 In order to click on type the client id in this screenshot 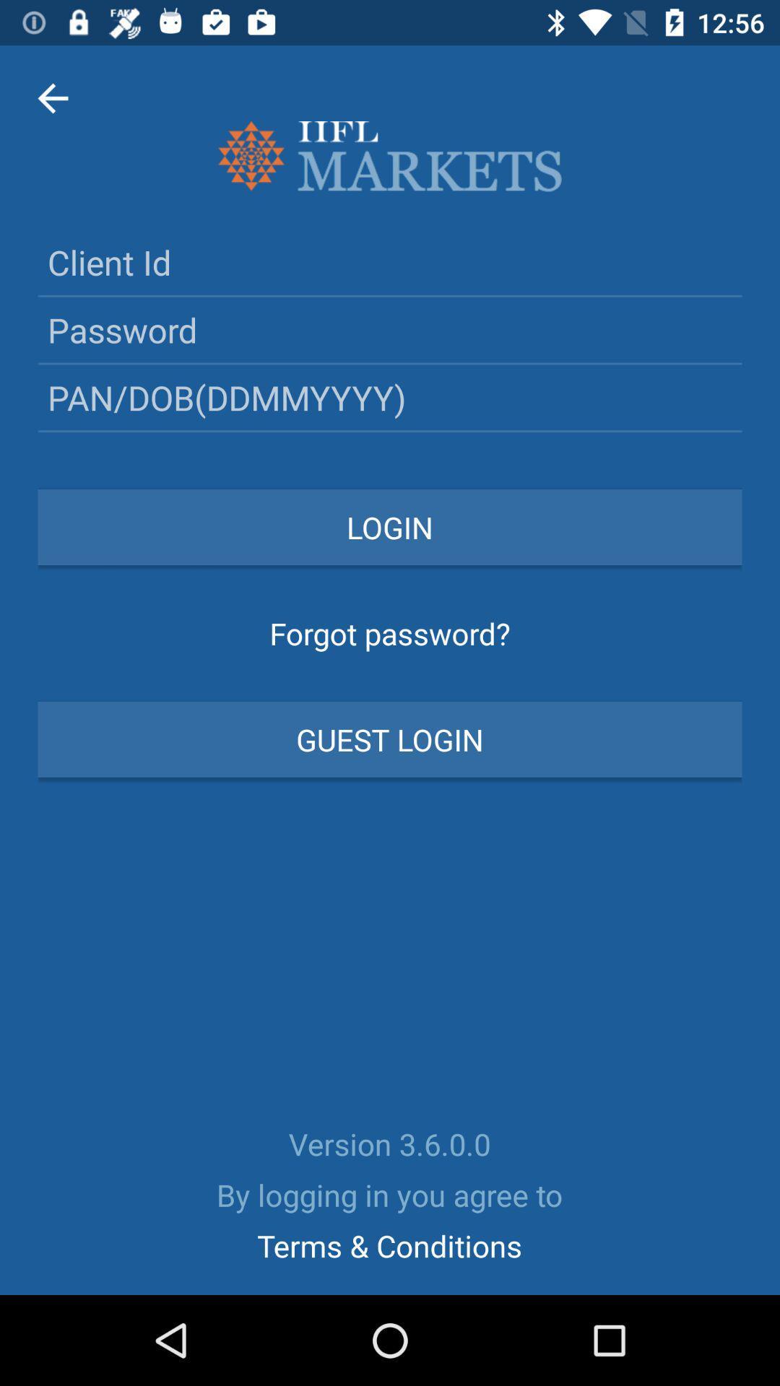, I will do `click(390, 262)`.